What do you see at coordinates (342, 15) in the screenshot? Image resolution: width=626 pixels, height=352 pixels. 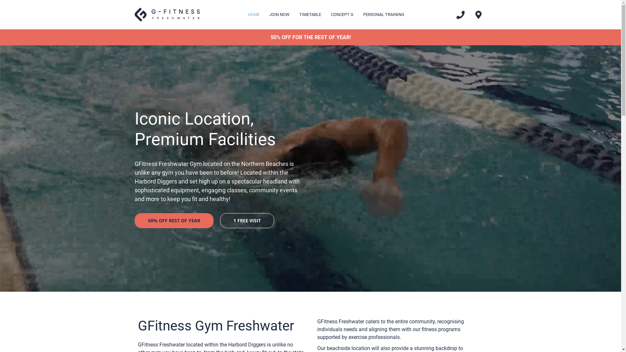 I see `'CONCEPT G'` at bounding box center [342, 15].